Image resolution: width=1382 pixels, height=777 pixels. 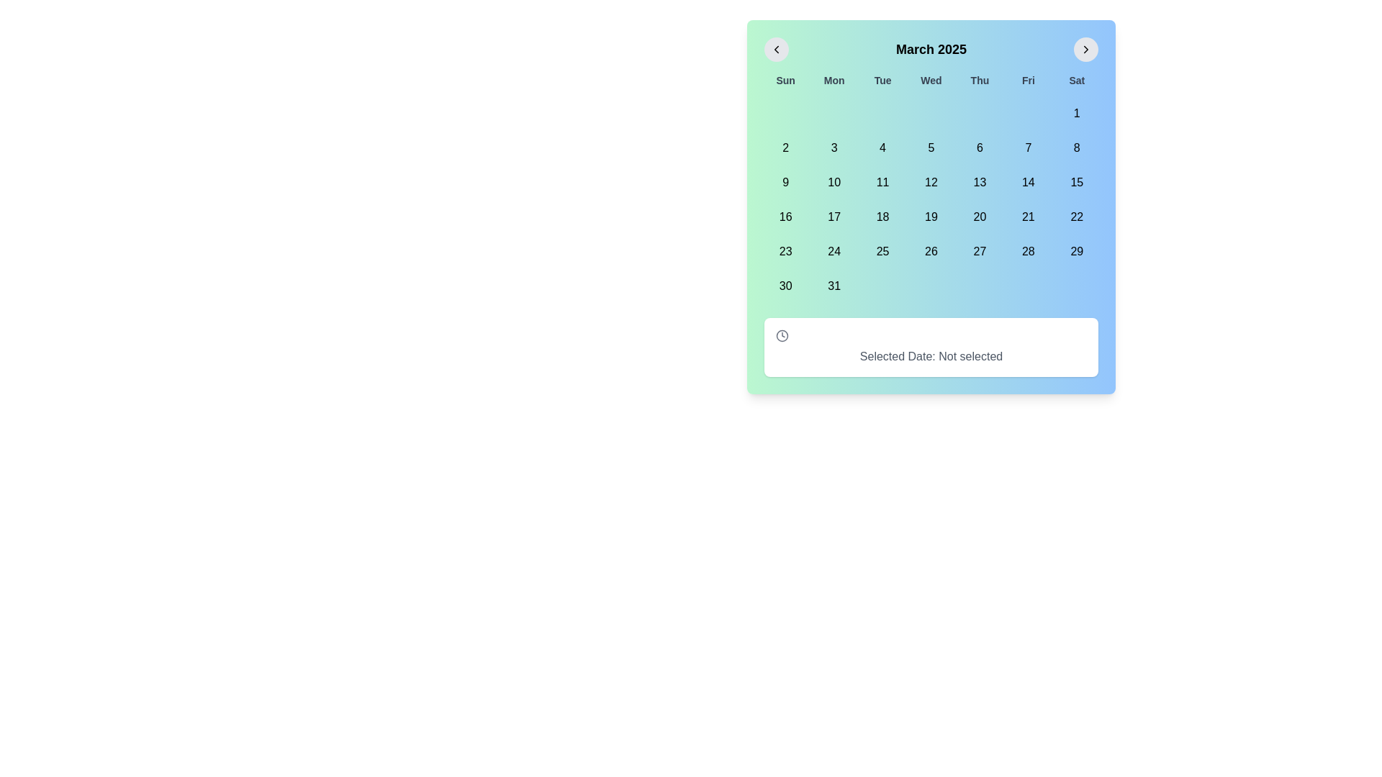 I want to click on the date selector button for the 26th date in the calendar interface, located in the 5th row and 5th column of the grid, so click(x=931, y=251).